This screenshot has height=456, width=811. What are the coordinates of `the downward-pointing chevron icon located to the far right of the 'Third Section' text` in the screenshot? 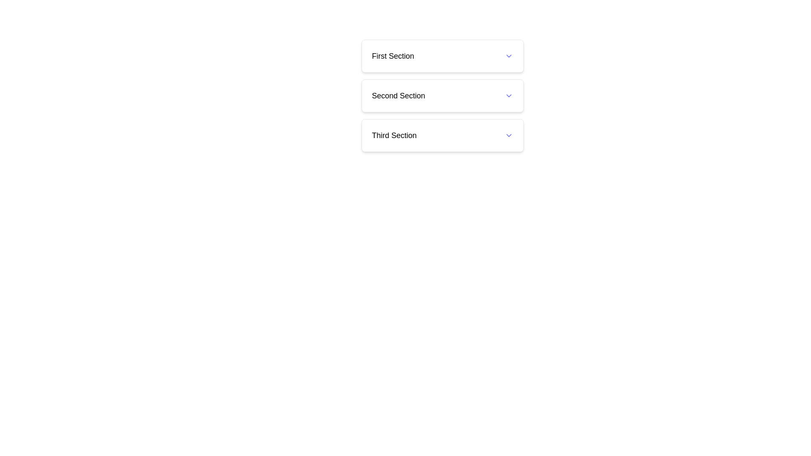 It's located at (508, 135).